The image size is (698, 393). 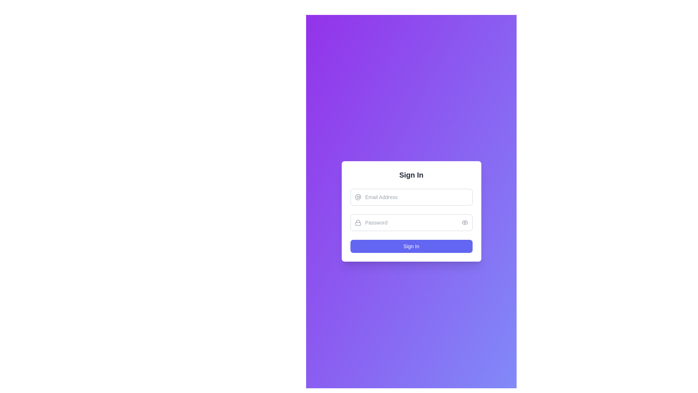 What do you see at coordinates (358, 222) in the screenshot?
I see `the Decorative icon representing a lock, which visually indicates that the adjacent input field is for securely entering a password` at bounding box center [358, 222].